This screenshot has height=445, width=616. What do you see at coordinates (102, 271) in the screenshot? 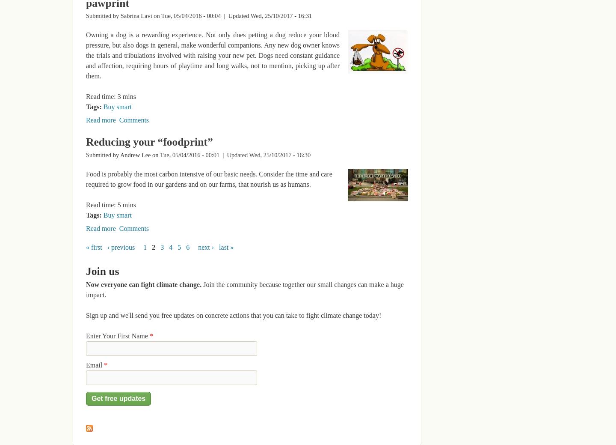
I see `'Join us'` at bounding box center [102, 271].